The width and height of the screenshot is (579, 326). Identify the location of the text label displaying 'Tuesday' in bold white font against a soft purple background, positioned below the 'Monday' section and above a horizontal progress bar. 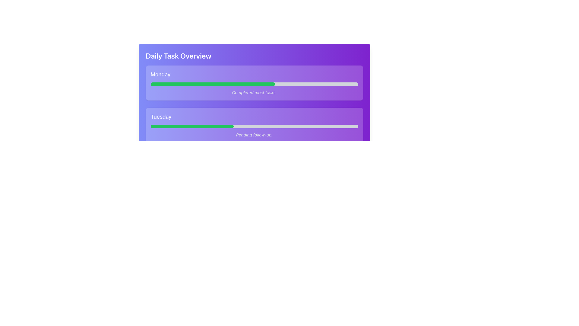
(161, 117).